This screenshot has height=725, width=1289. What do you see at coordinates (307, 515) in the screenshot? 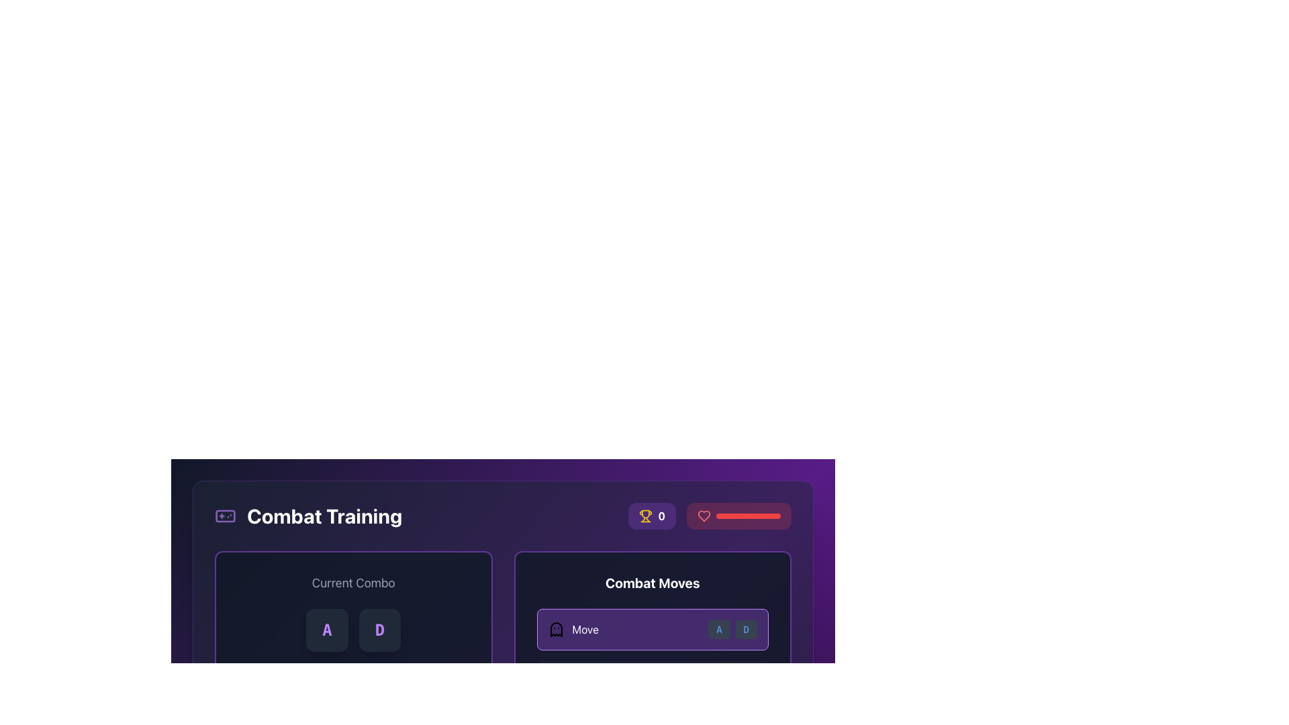
I see `the 'Combat Training' header, which features large, bold, white text and a purple game controller icon to its left, for navigation or interaction` at bounding box center [307, 515].